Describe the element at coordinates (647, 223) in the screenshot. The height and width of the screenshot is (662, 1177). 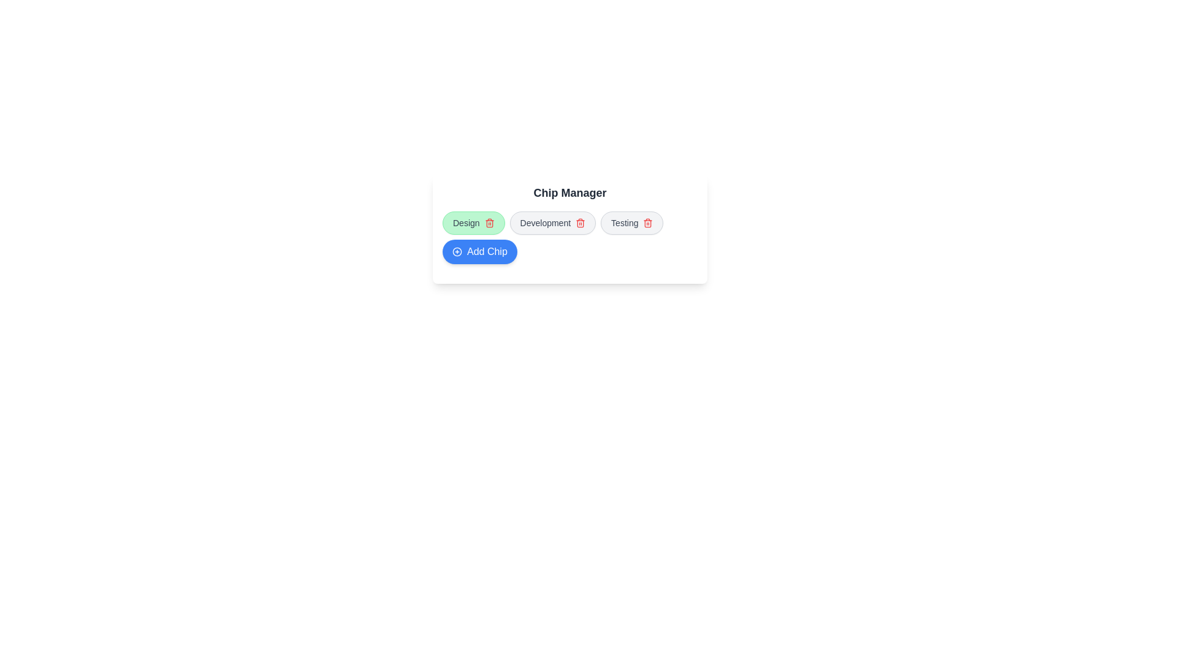
I see `delete icon of the chip labeled Testing to remove it` at that location.